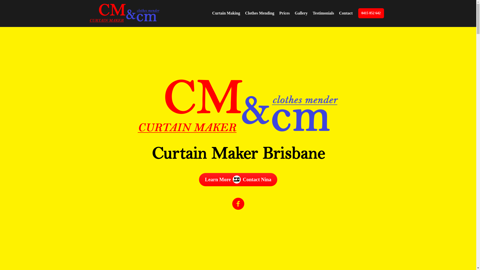 The width and height of the screenshot is (480, 270). Describe the element at coordinates (199, 179) in the screenshot. I see `'Learn More'` at that location.